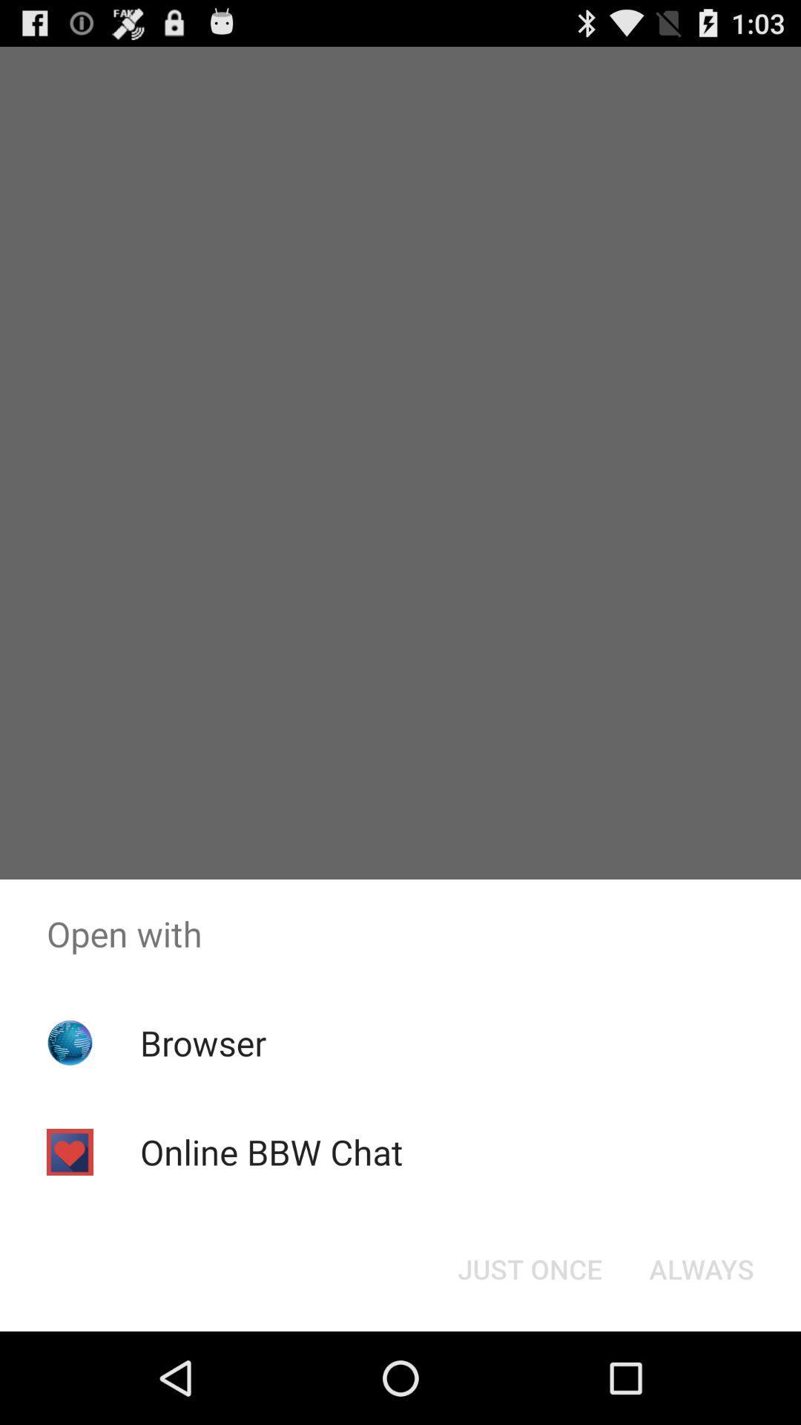 This screenshot has height=1425, width=801. Describe the element at coordinates (701, 1268) in the screenshot. I see `icon next to the just once` at that location.